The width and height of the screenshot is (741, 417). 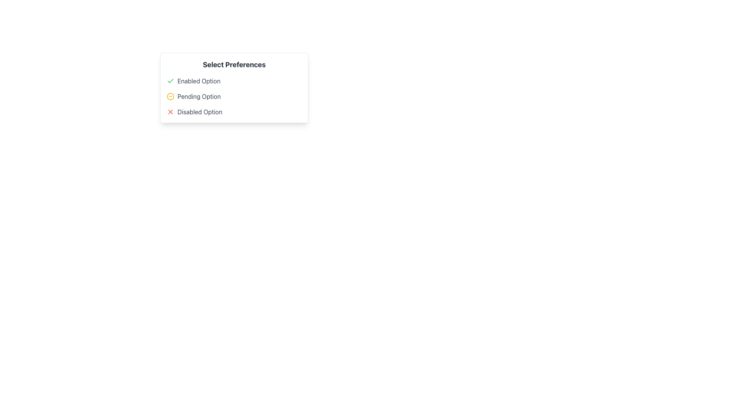 What do you see at coordinates (233, 96) in the screenshot?
I see `the group of list items with icons located below the 'Select Preferences' title` at bounding box center [233, 96].